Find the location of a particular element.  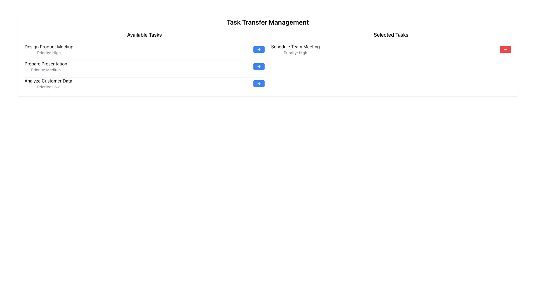

the blue button with a white right arrow icon located in the 'Available Tasks' section under the 'Design Product Mockup' row to observe any hover effects is located at coordinates (258, 49).